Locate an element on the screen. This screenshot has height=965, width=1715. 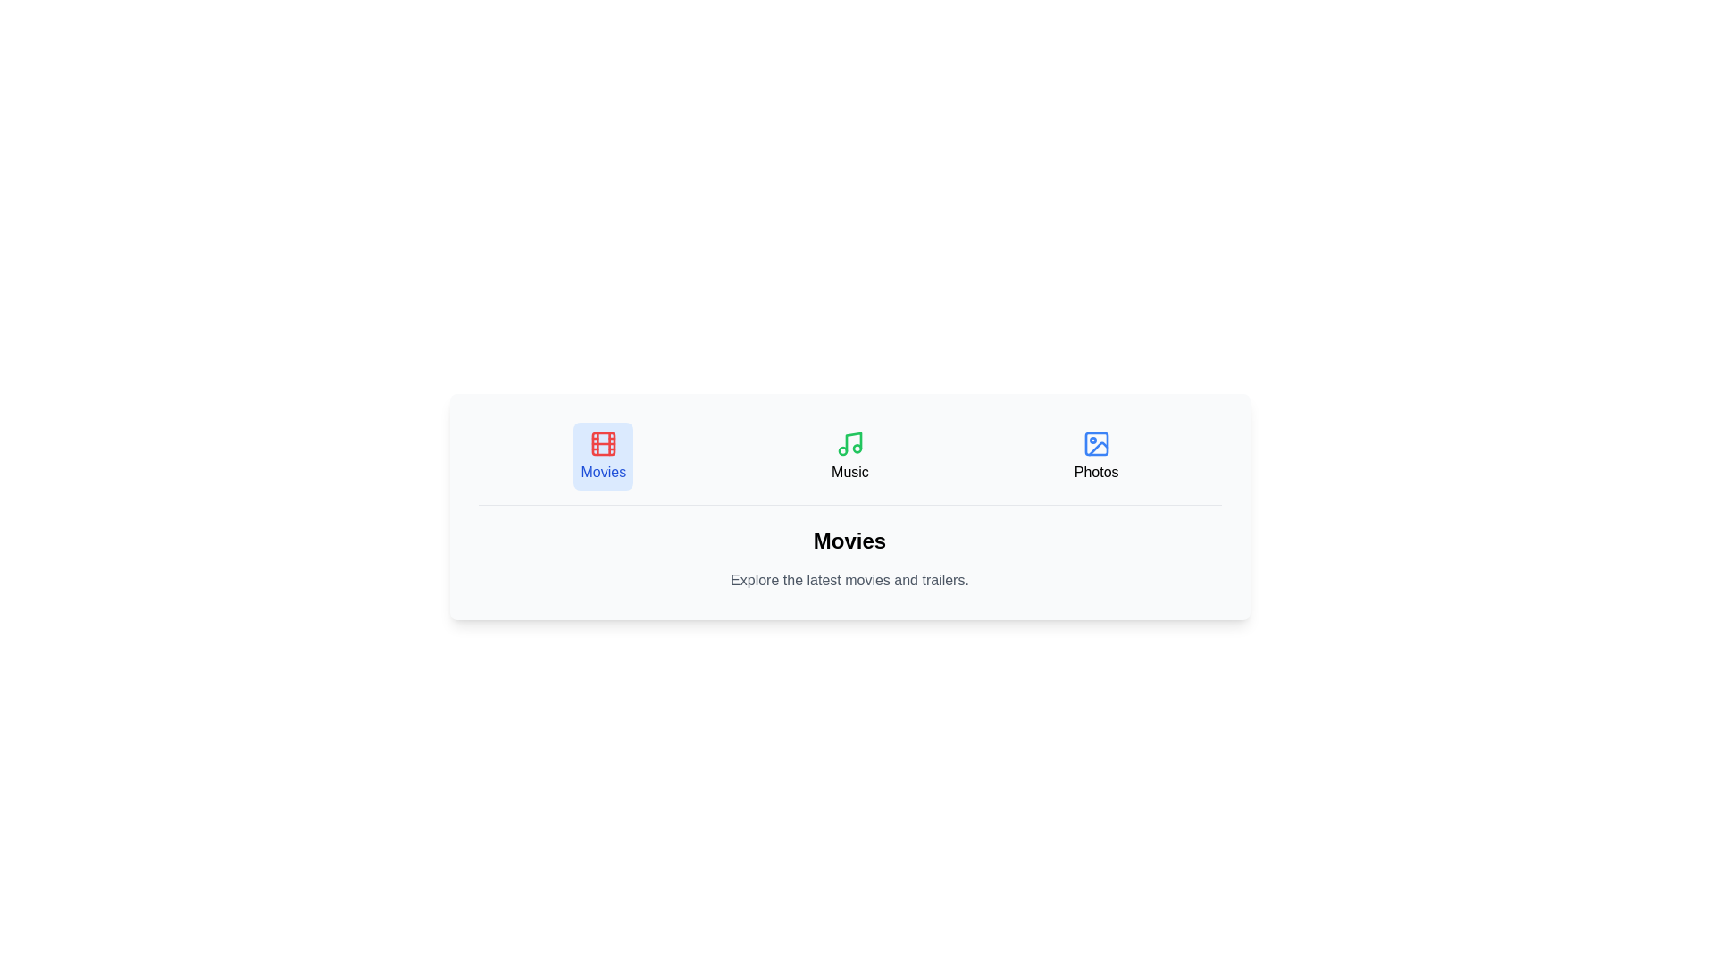
the Music tab by clicking on its button is located at coordinates (848, 455).